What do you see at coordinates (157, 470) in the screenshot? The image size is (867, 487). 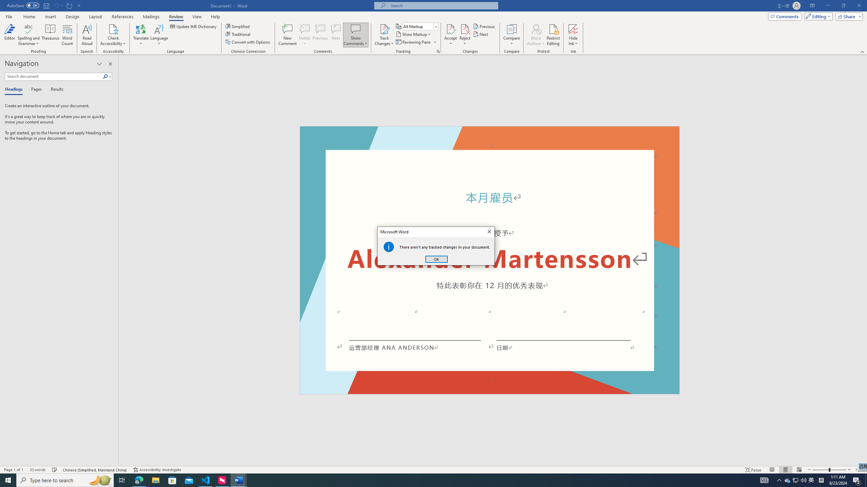 I see `'Accessibility Checker Accessibility: Investigate'` at bounding box center [157, 470].